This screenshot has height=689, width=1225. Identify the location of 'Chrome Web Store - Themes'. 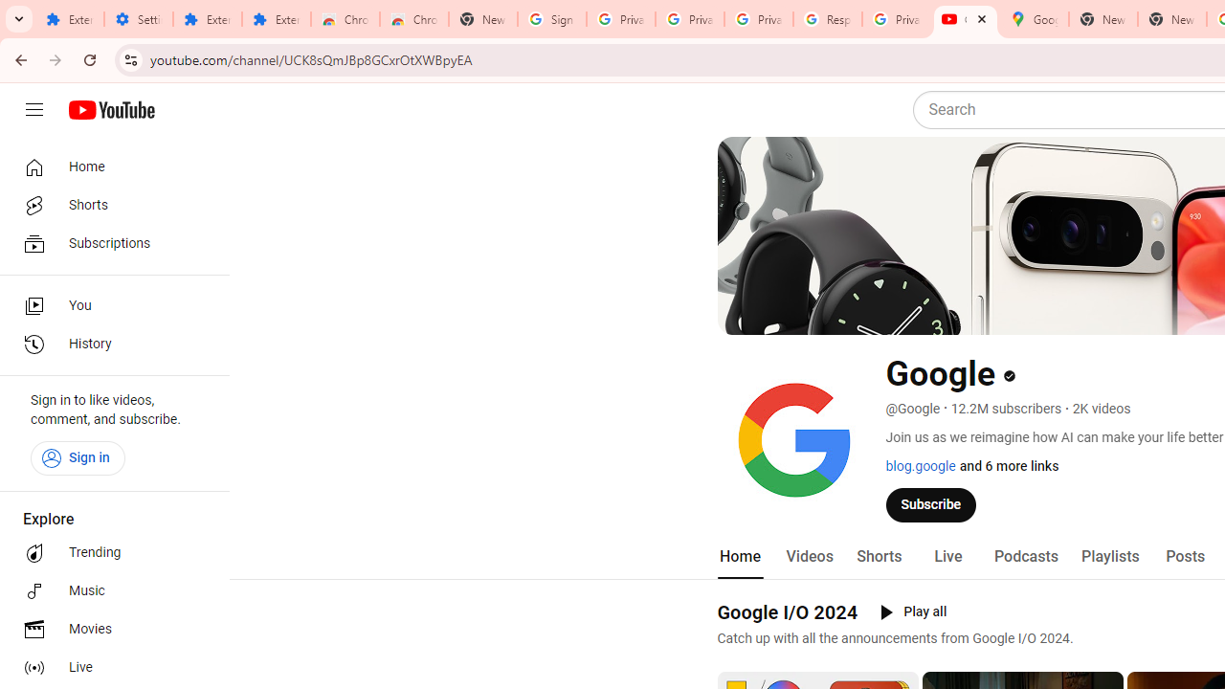
(412, 19).